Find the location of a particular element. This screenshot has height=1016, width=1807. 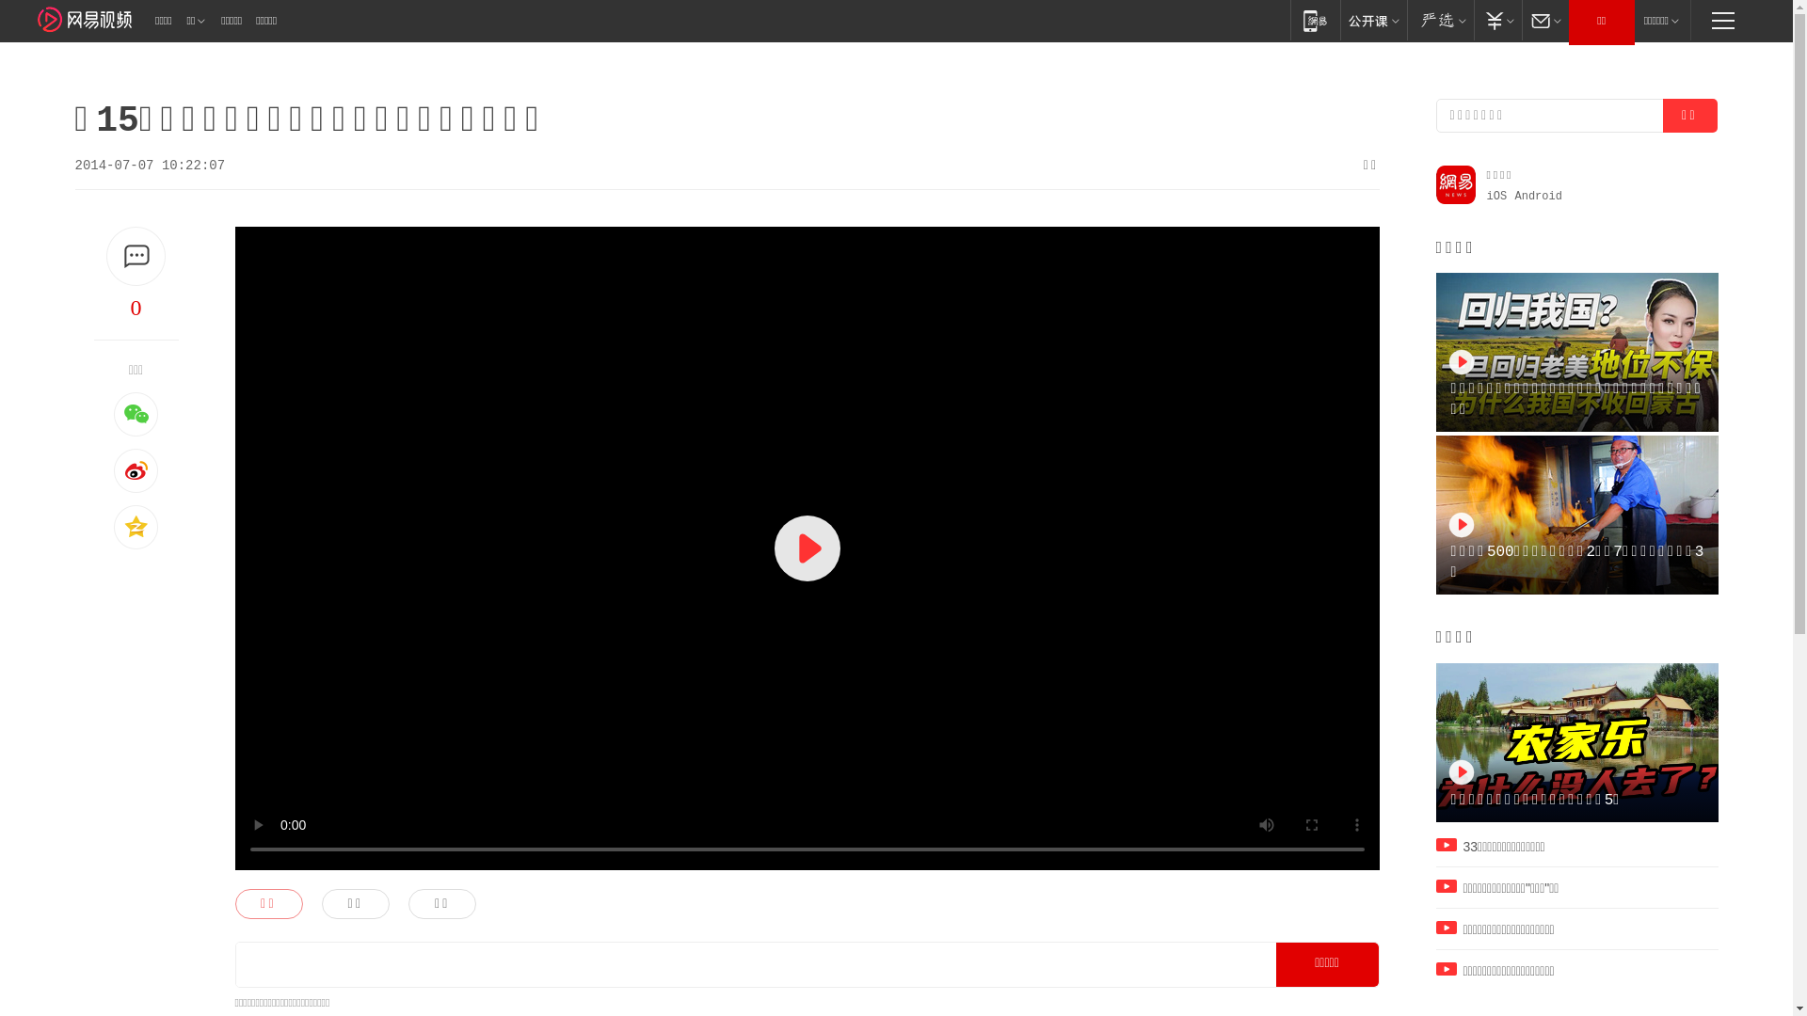

'iOS' is located at coordinates (1485, 196).